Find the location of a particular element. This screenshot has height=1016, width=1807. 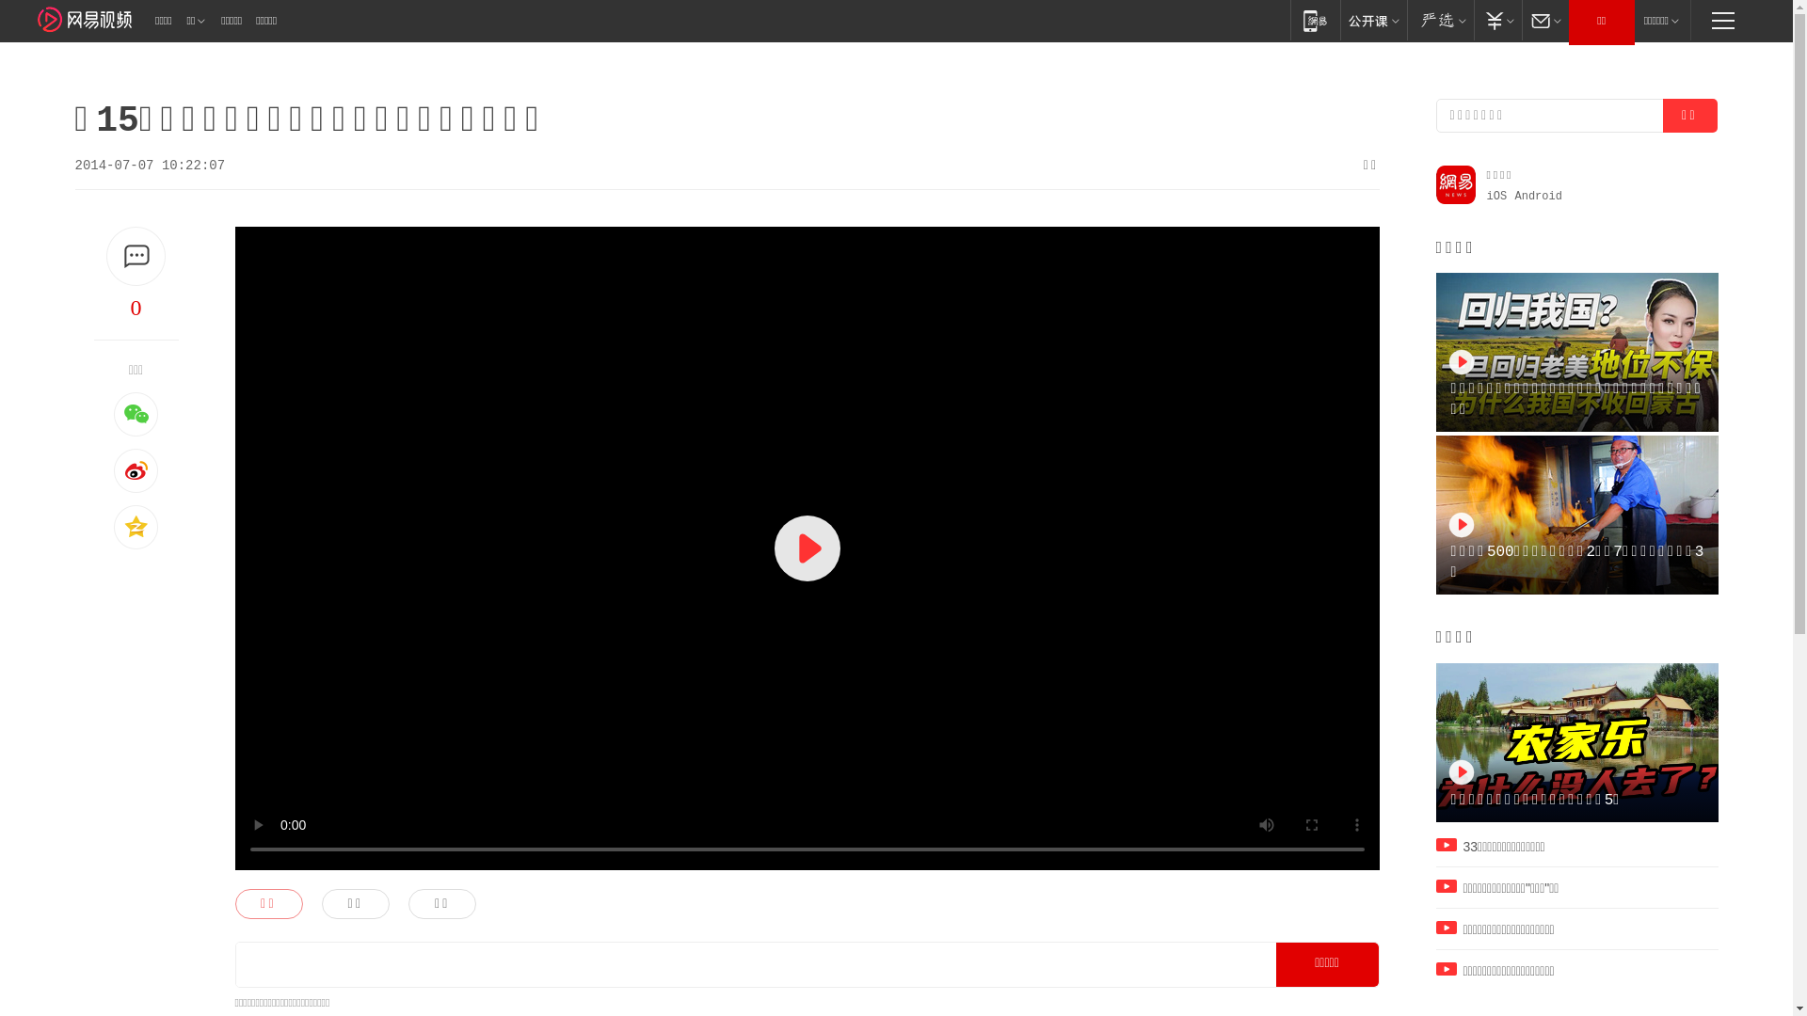

'iOS' is located at coordinates (1485, 196).